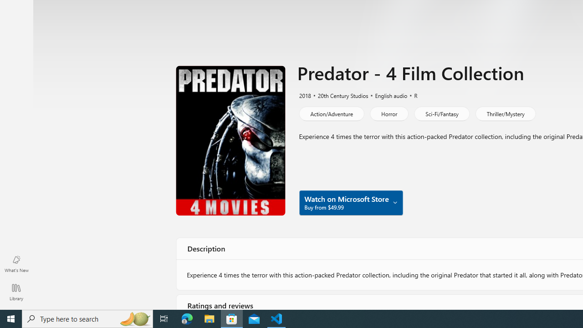  Describe the element at coordinates (441, 113) in the screenshot. I see `'Sci-Fi/Fantasy'` at that location.